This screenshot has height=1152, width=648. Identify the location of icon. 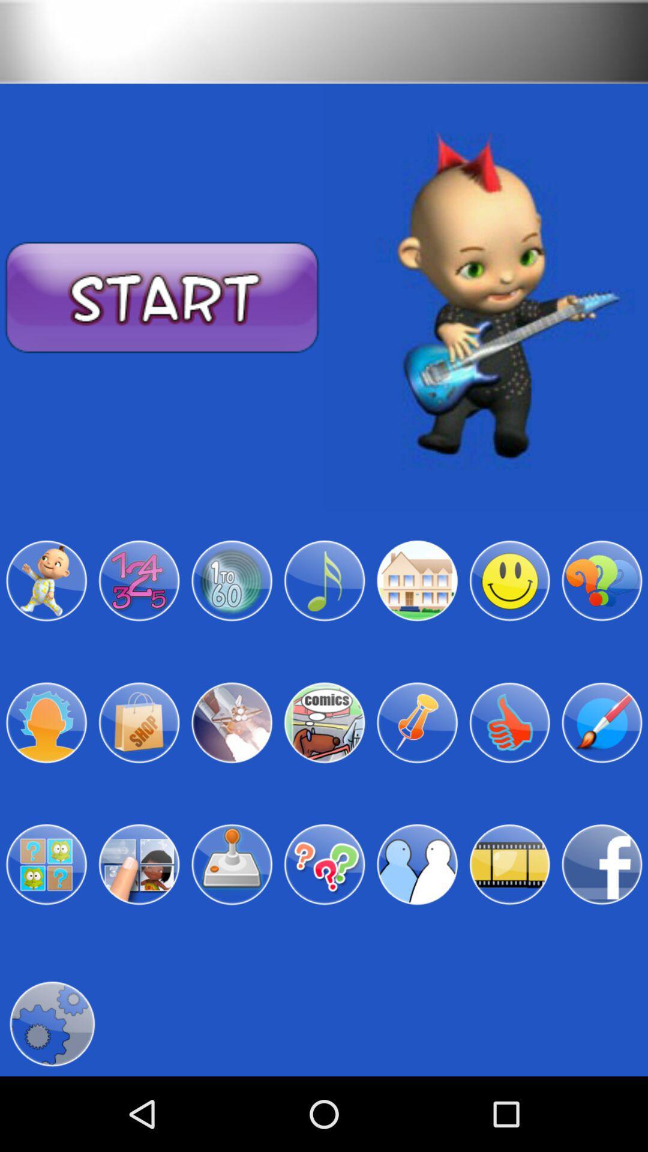
(232, 865).